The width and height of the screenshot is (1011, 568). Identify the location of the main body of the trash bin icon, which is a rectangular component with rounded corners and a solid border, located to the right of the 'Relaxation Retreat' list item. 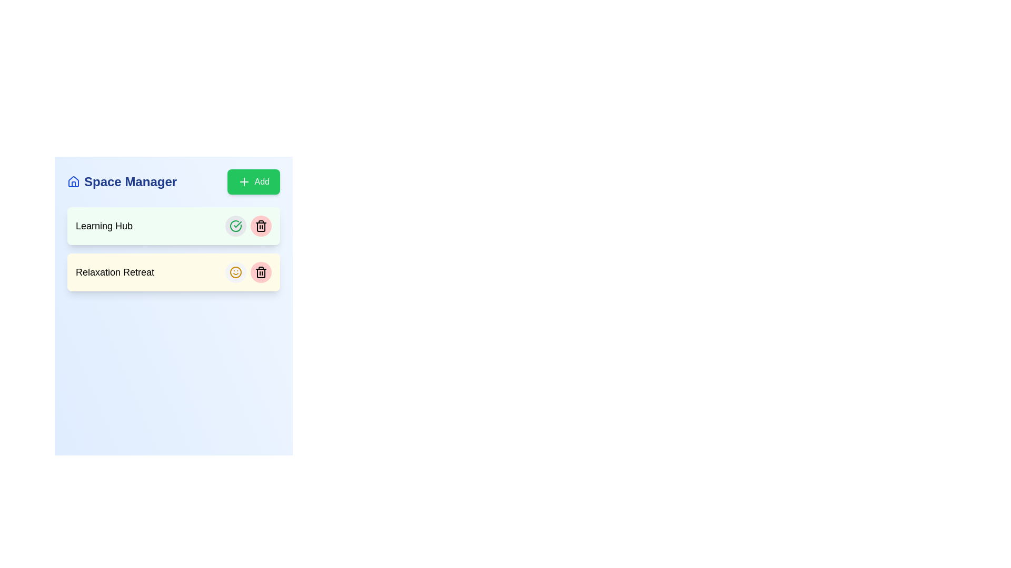
(261, 227).